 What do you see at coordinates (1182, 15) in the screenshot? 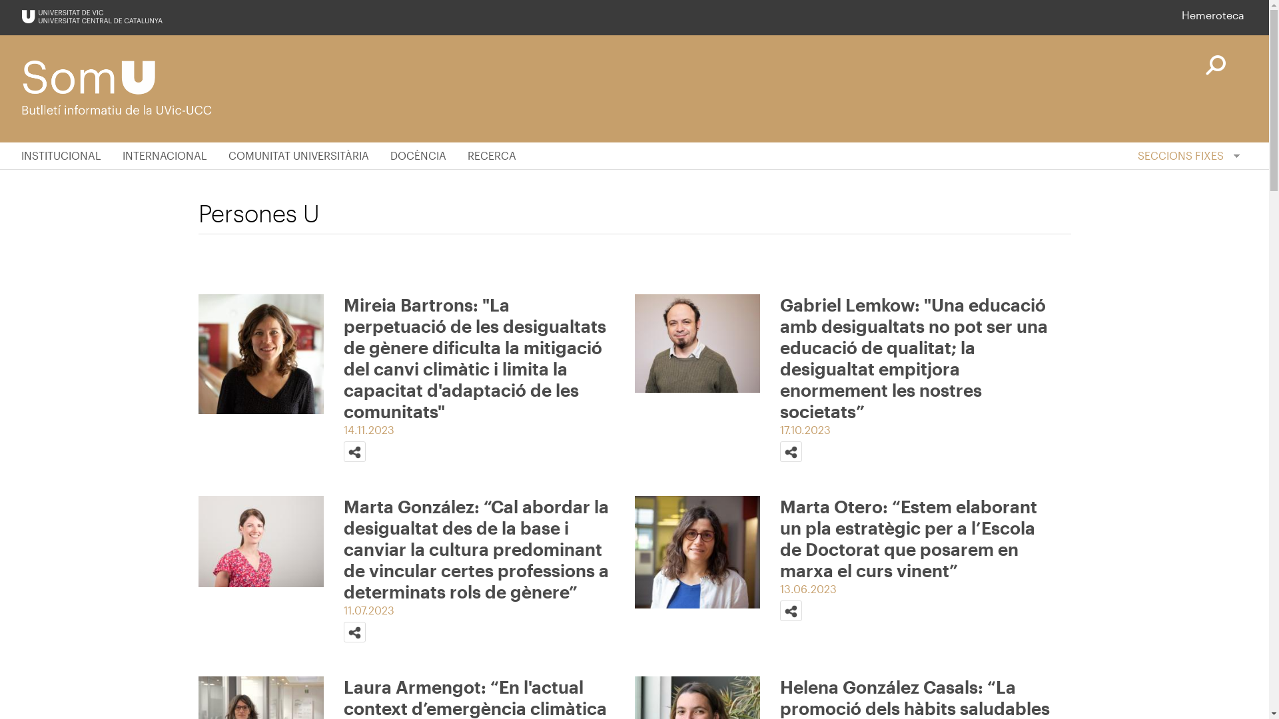
I see `'Hemeroteca'` at bounding box center [1182, 15].